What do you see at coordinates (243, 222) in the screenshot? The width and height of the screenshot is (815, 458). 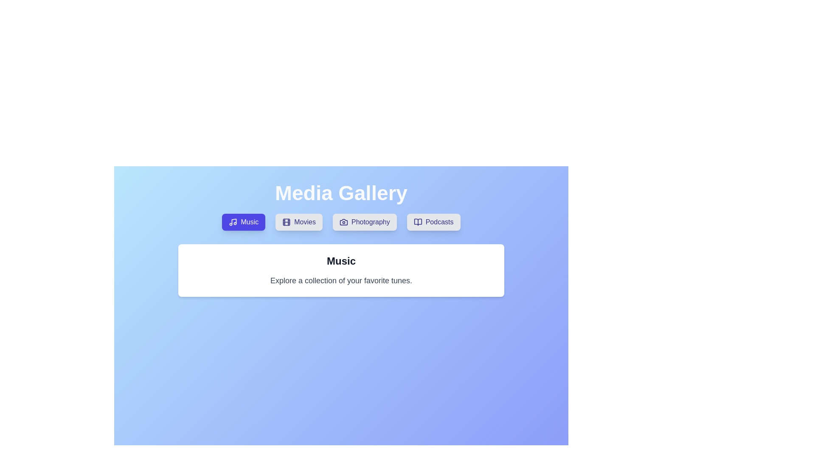 I see `the Music tab by clicking on its button` at bounding box center [243, 222].